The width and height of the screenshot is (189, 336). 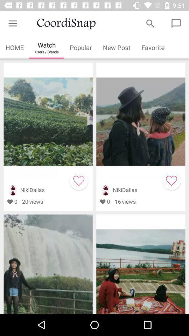 What do you see at coordinates (13, 23) in the screenshot?
I see `the item above home` at bounding box center [13, 23].